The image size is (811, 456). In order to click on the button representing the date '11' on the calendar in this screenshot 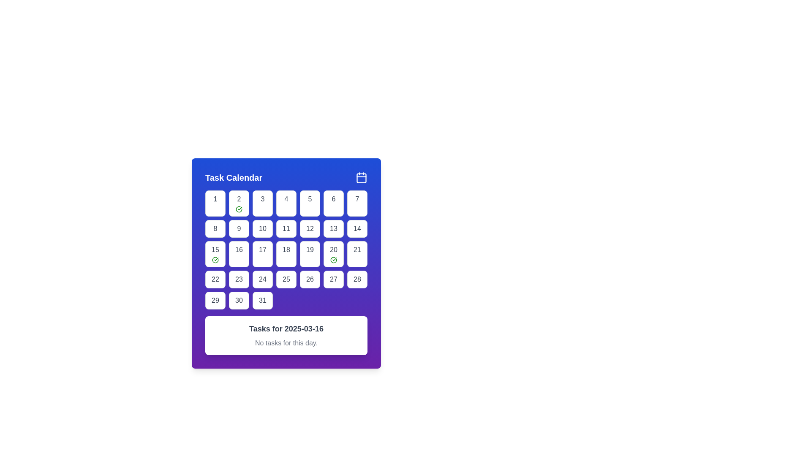, I will do `click(286, 229)`.